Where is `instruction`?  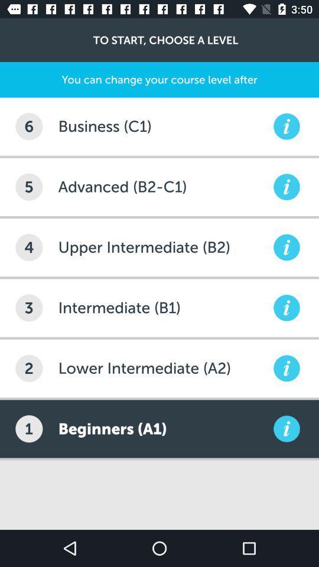 instruction is located at coordinates (286, 428).